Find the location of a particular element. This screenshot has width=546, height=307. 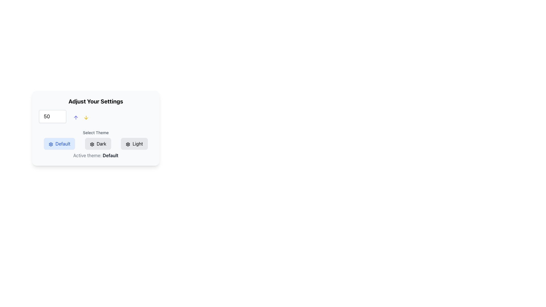

the central button labeled 'Dark' in the theme selection group below the 'Select Theme' label to observe its hover effects is located at coordinates (98, 143).